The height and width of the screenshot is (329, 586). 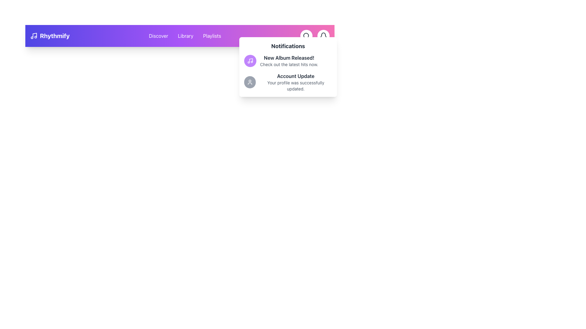 I want to click on the 'Discover', 'Library', or 'Playlists' navigation links in the Navigation Bar at the top of the interface, so click(x=179, y=36).